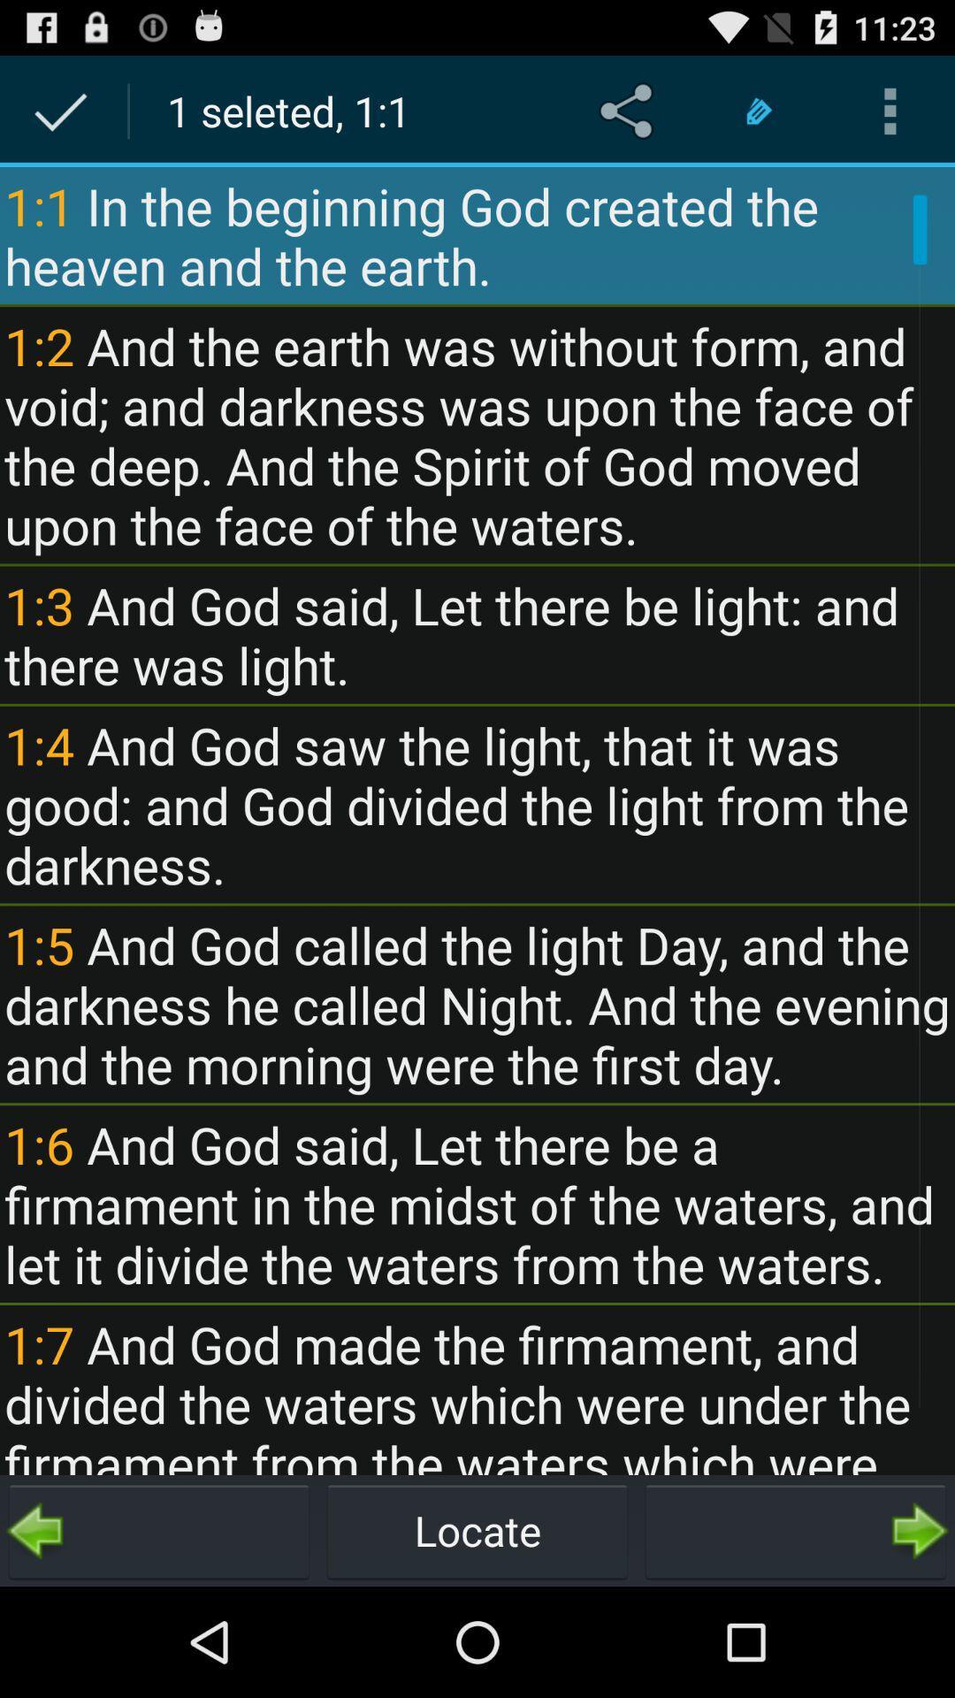 This screenshot has width=955, height=1698. What do you see at coordinates (759, 110) in the screenshot?
I see `the app above the 1 1 in icon` at bounding box center [759, 110].